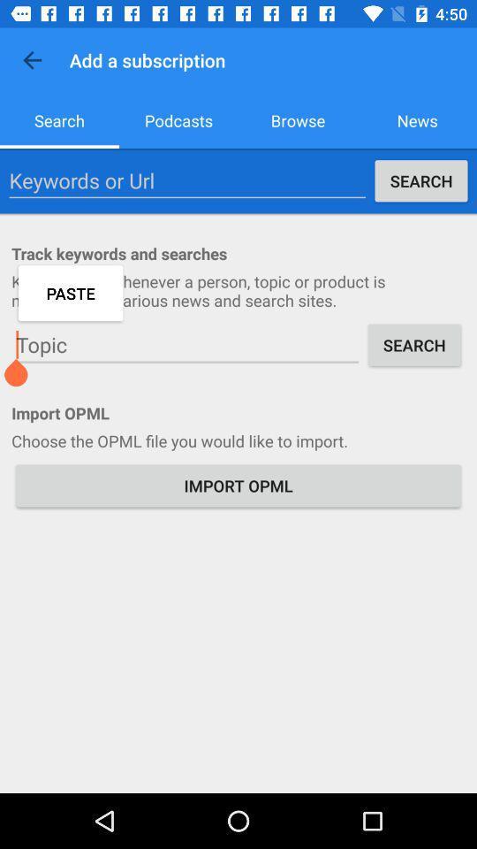  I want to click on item next to add a subscription app, so click(32, 60).